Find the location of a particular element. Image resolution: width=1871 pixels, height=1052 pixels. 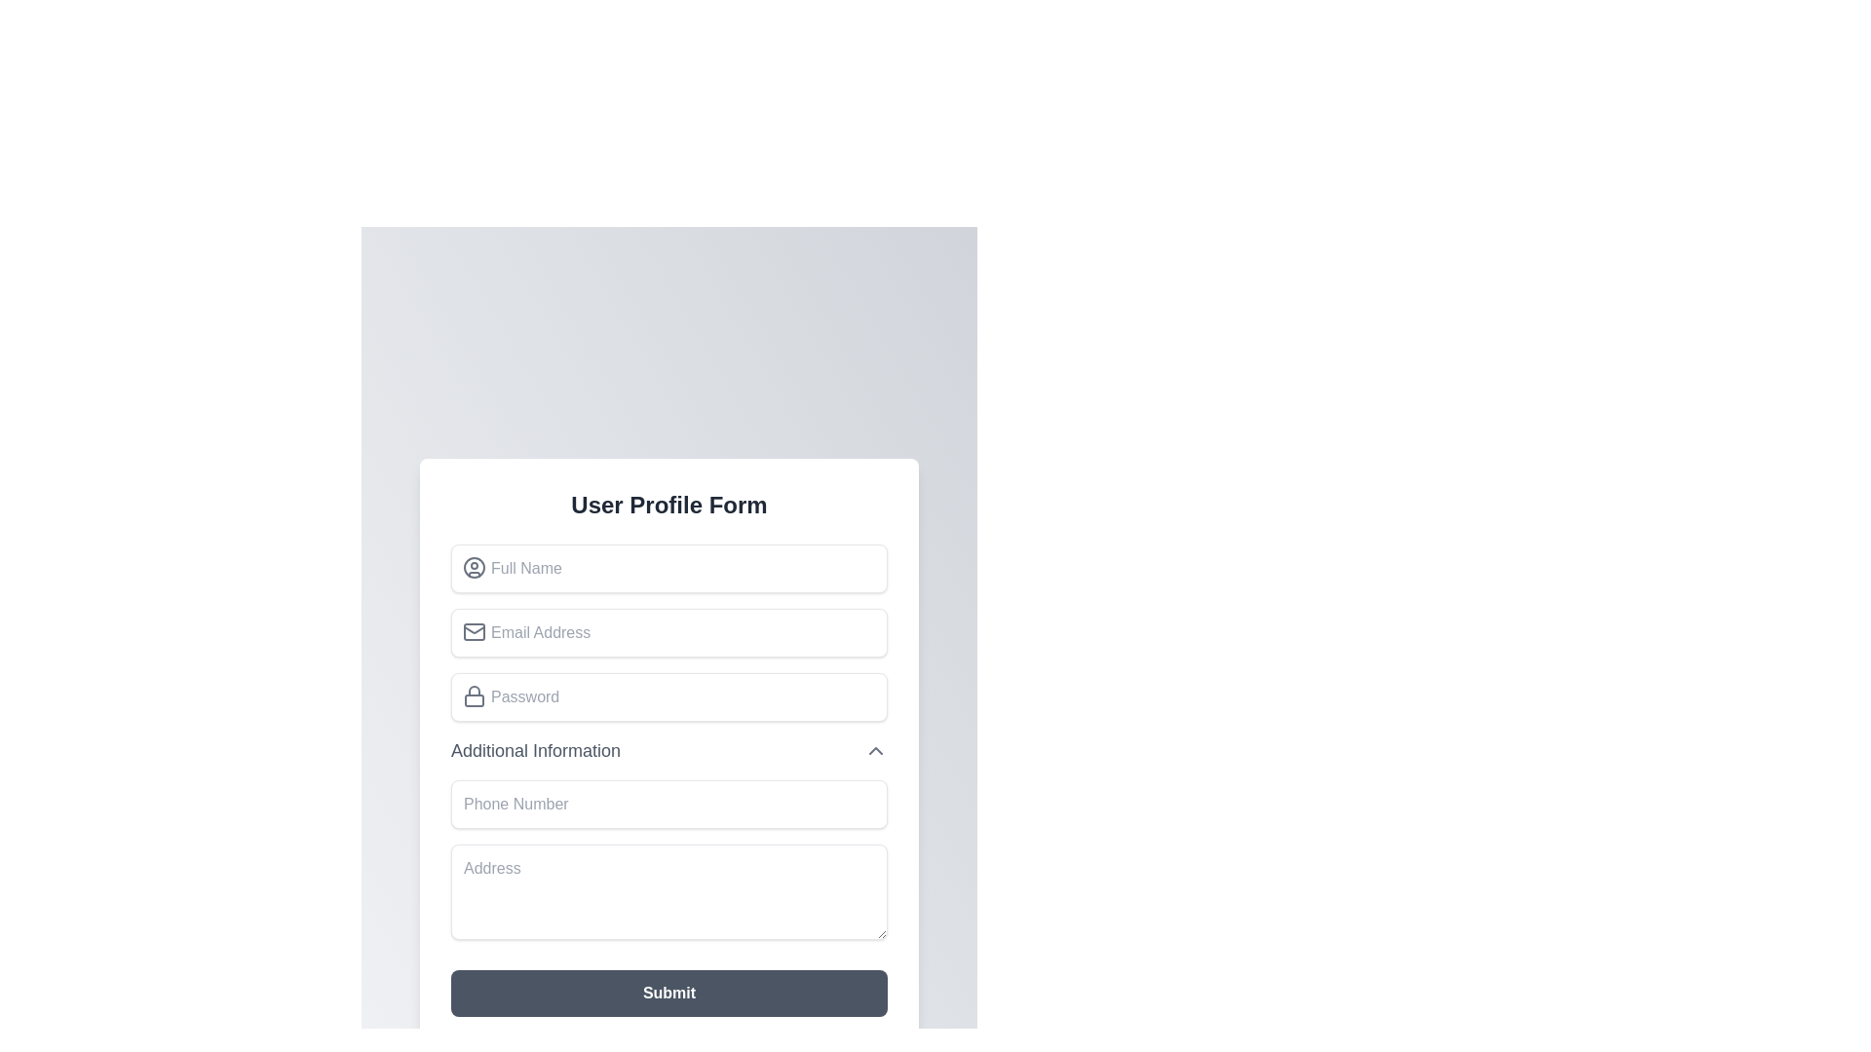

the lock icon located inside the password field, which is styled in gray and aligns with the placeholder text 'Password' is located at coordinates (474, 695).